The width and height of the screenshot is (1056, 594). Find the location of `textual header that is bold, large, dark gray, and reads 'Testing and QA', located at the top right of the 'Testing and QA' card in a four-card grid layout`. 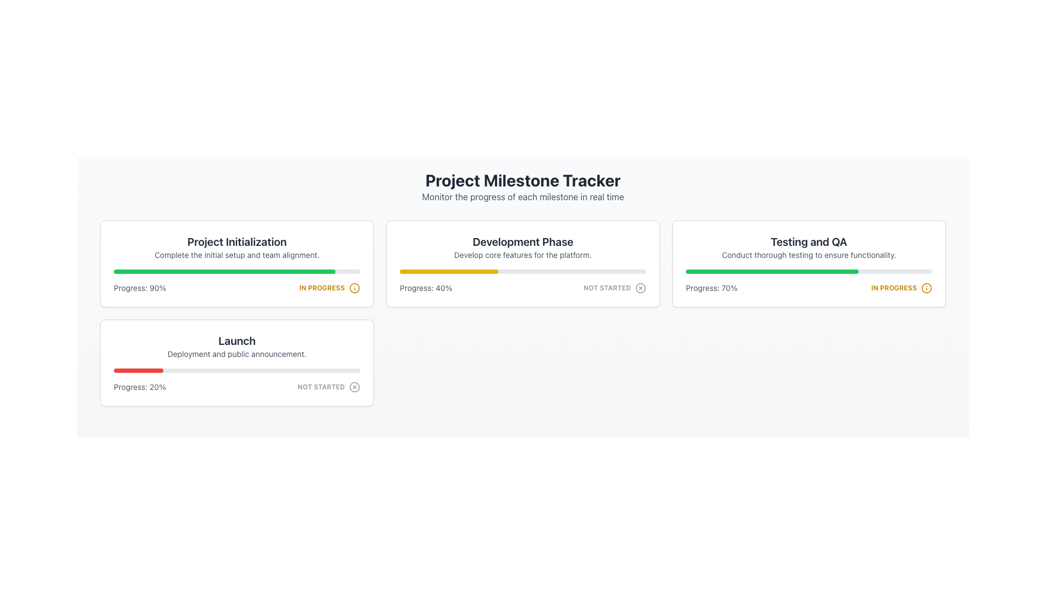

textual header that is bold, large, dark gray, and reads 'Testing and QA', located at the top right of the 'Testing and QA' card in a four-card grid layout is located at coordinates (809, 241).